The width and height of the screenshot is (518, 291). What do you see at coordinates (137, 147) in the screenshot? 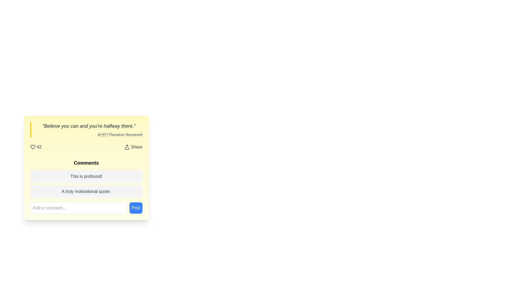
I see `the text label in the lower right corner of the card` at bounding box center [137, 147].